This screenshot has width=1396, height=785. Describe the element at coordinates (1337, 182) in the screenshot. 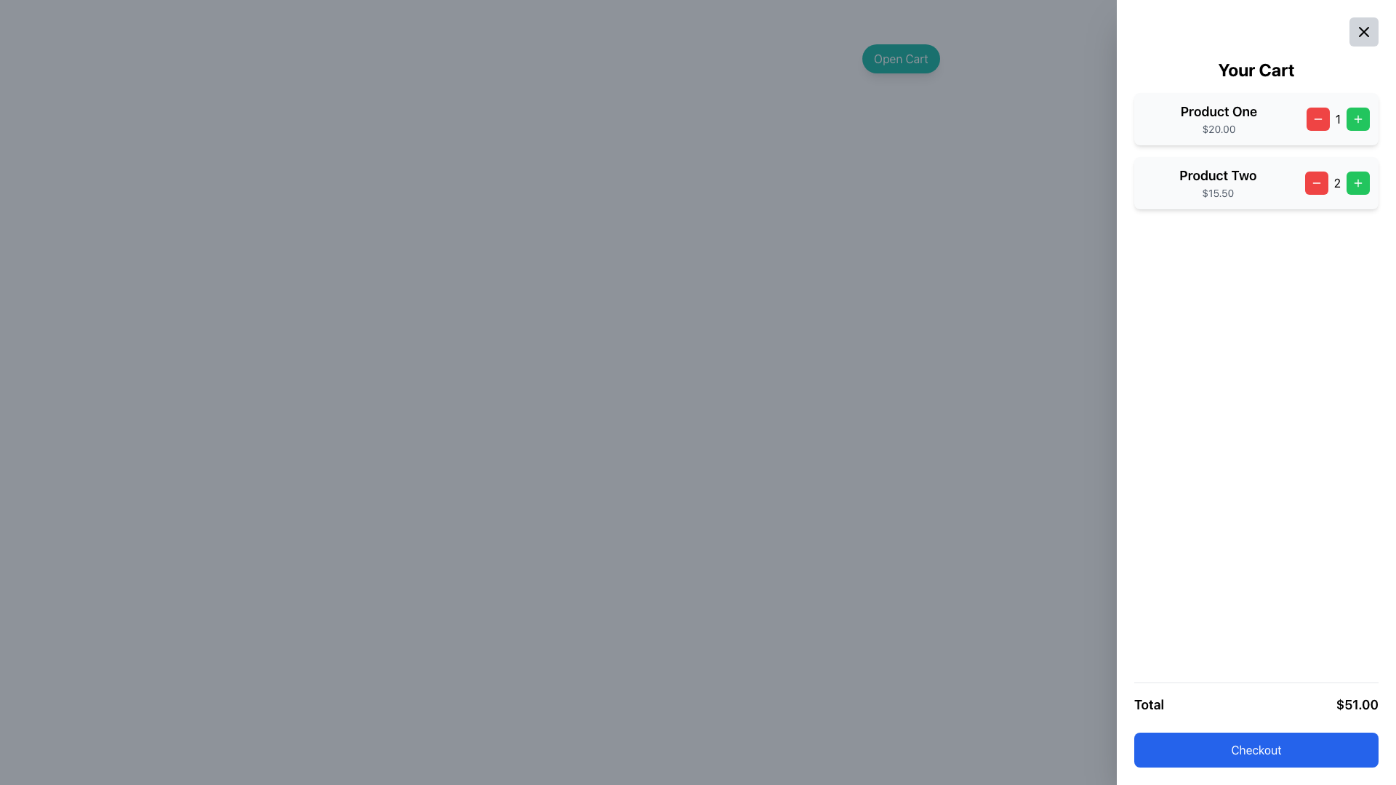

I see `the Static Text Display element that shows the numeric value '2', which is styled in a bold sans-serif font and positioned between the decrement and increment buttons in the second product row` at that location.